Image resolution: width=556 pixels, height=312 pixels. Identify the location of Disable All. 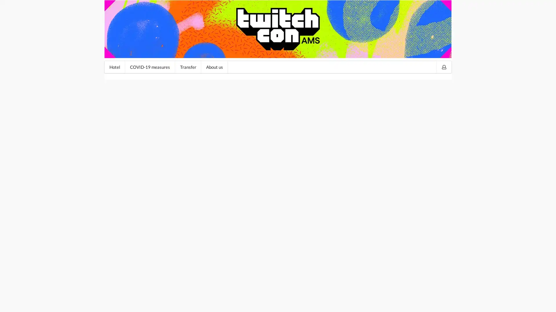
(397, 302).